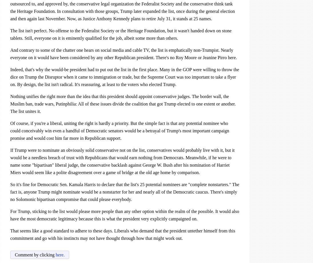 The width and height of the screenshot is (313, 263). I want to click on 'That seems like a good standard to adhere to these days. Liberals who demand that the president untether himself from this commitment and go with his instincts may not have thought through how that might work out.', so click(122, 234).